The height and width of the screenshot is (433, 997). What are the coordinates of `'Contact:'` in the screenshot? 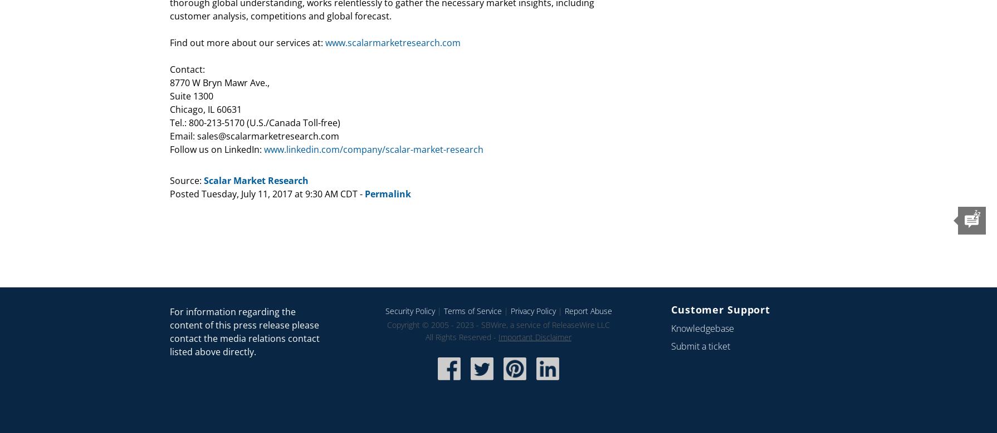 It's located at (170, 69).